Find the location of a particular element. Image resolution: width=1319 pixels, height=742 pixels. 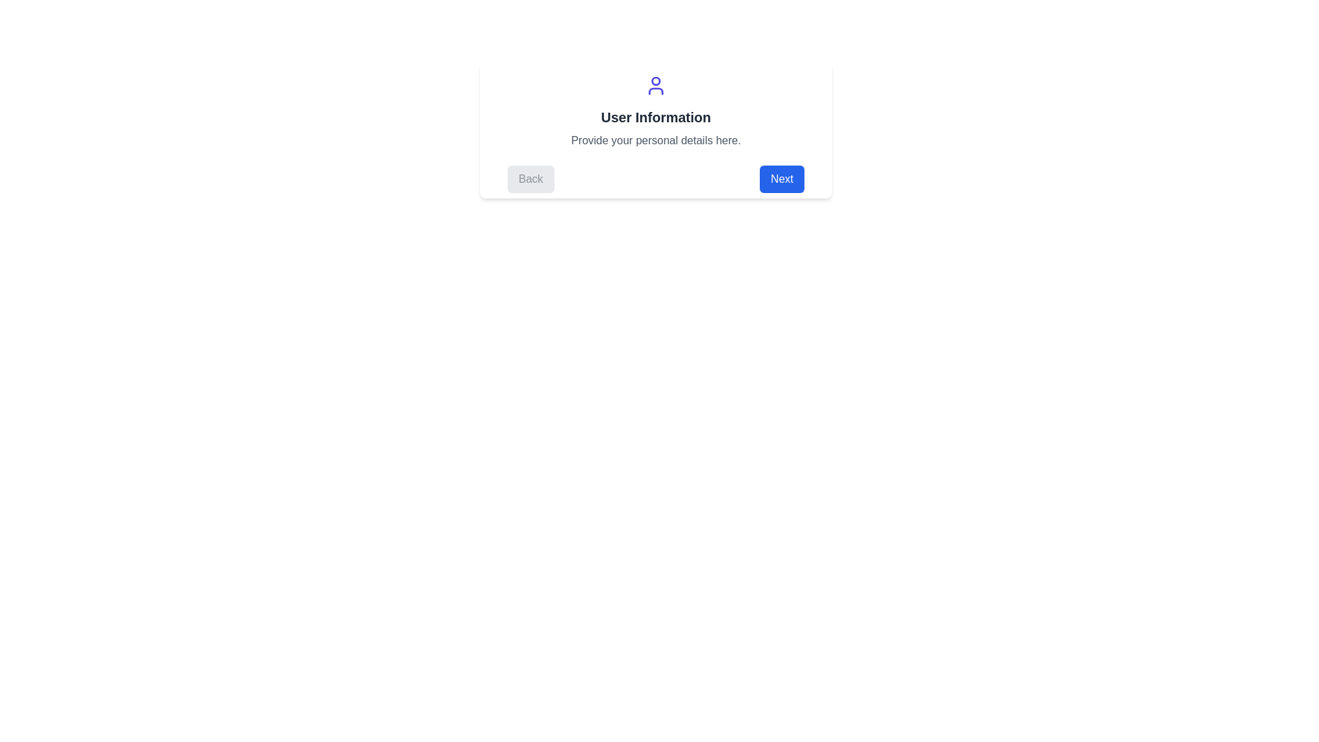

the icon visually by centering it in the viewport is located at coordinates (655, 85).